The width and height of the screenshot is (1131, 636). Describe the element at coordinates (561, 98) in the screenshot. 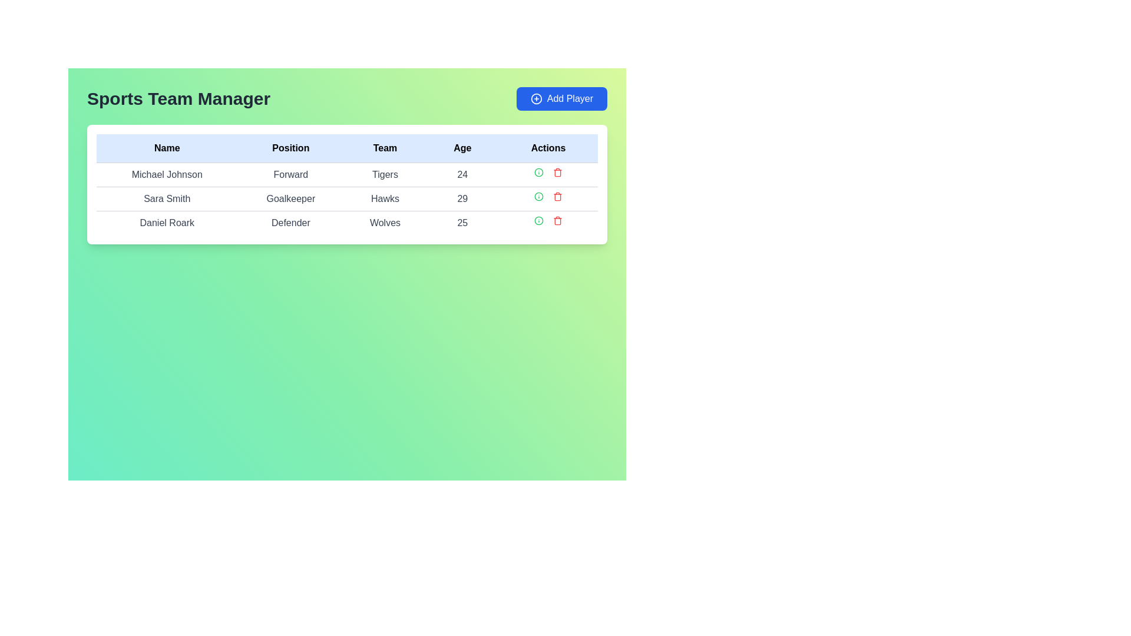

I see `the button to add a new player to the sports team, located in the top right corner next to the title 'Sports Team Manager'` at that location.